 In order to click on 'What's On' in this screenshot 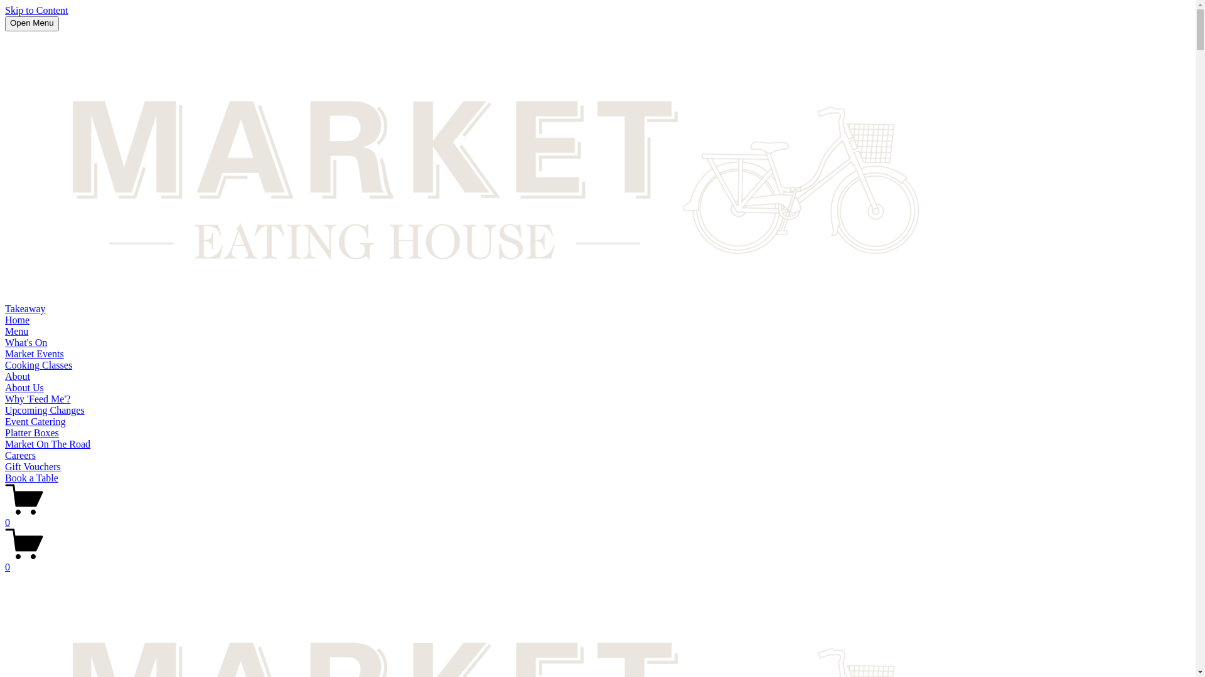, I will do `click(26, 342)`.